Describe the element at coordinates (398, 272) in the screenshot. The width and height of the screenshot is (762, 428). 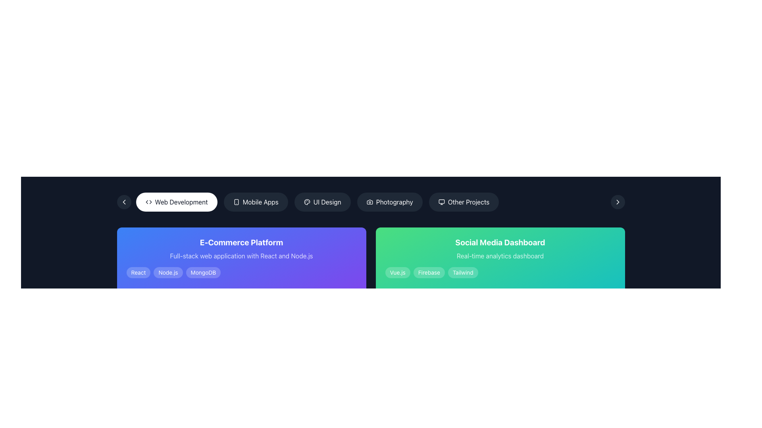
I see `the first tag or label element in the horizontal list on the green panel labeled 'Social Media Dashboard', which is positioned to the left of 'Firebase' and 'Tailwind'` at that location.